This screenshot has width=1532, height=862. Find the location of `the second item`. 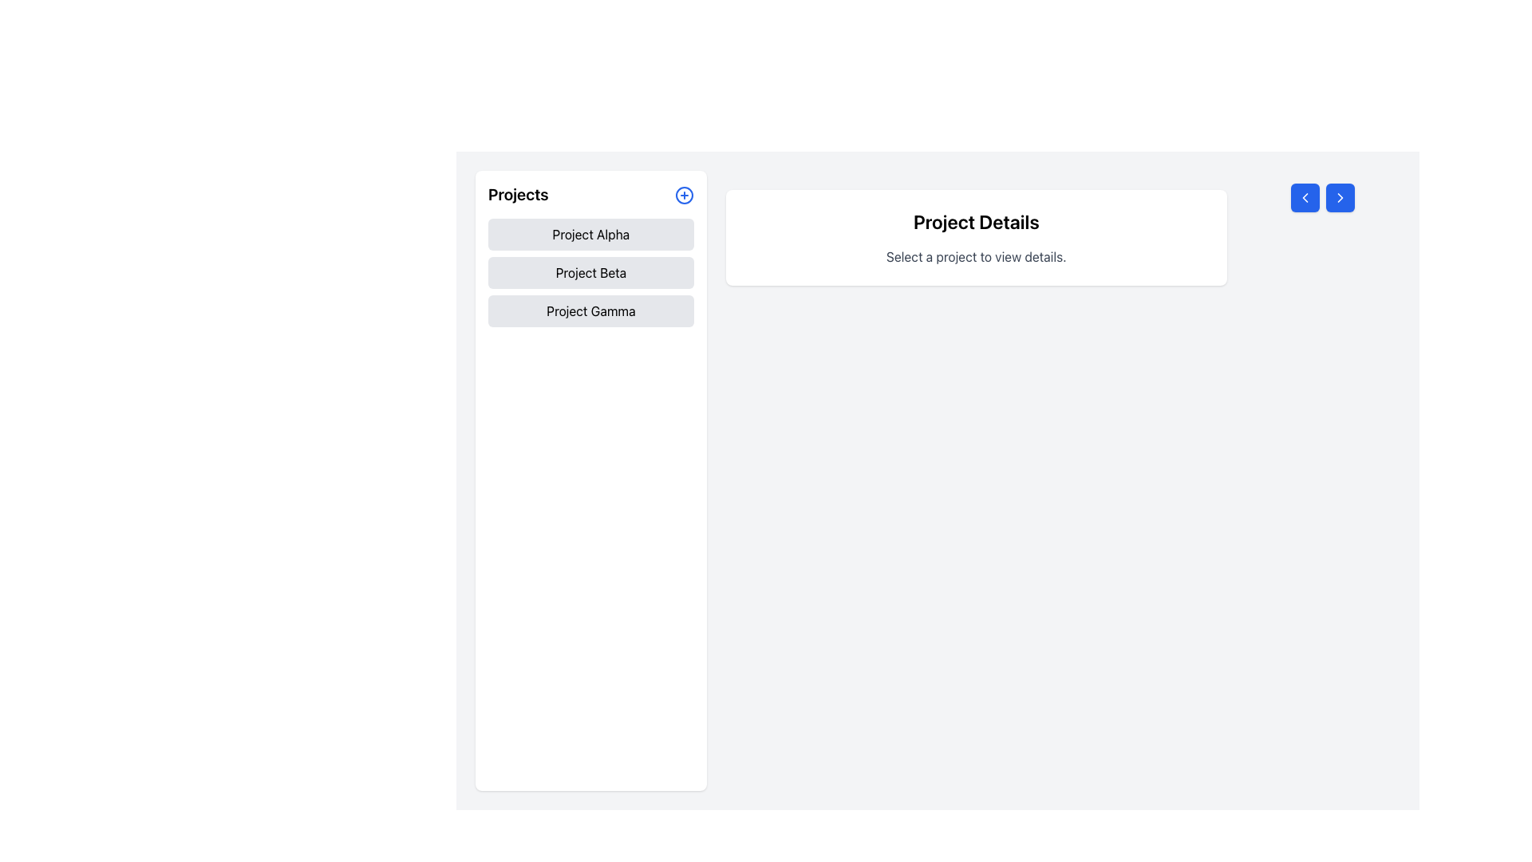

the second item is located at coordinates (590, 272).